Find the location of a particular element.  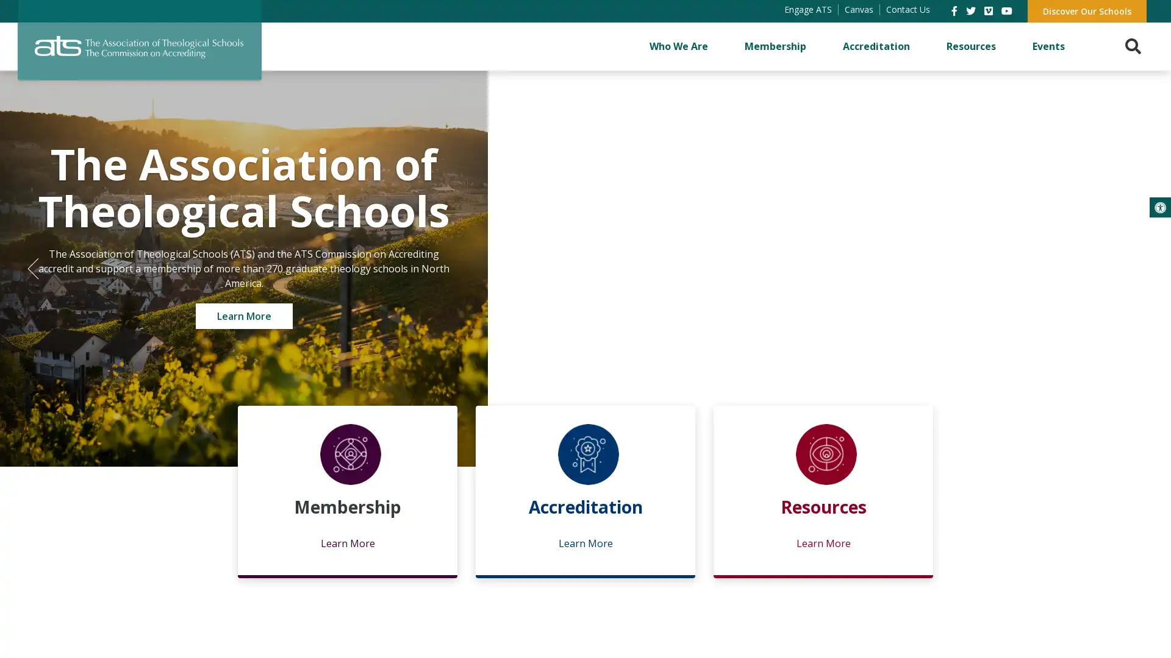

Next is located at coordinates (1137, 267).